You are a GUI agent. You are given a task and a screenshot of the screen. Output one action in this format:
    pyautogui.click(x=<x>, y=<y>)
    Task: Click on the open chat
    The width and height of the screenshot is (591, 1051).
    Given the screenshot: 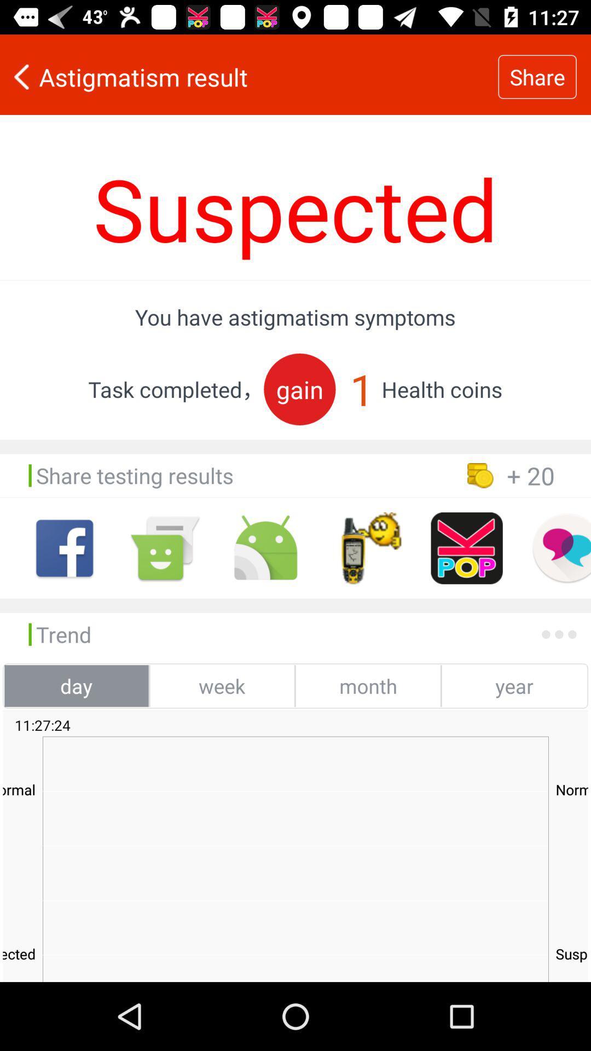 What is the action you would take?
    pyautogui.click(x=561, y=548)
    